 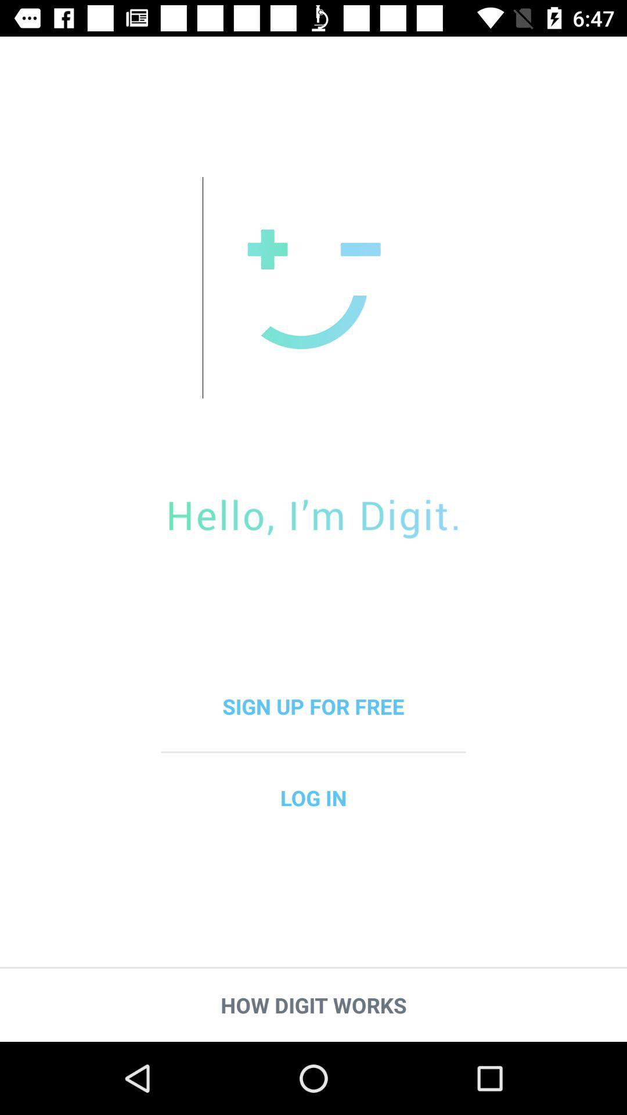 What do you see at coordinates (313, 797) in the screenshot?
I see `log in item` at bounding box center [313, 797].